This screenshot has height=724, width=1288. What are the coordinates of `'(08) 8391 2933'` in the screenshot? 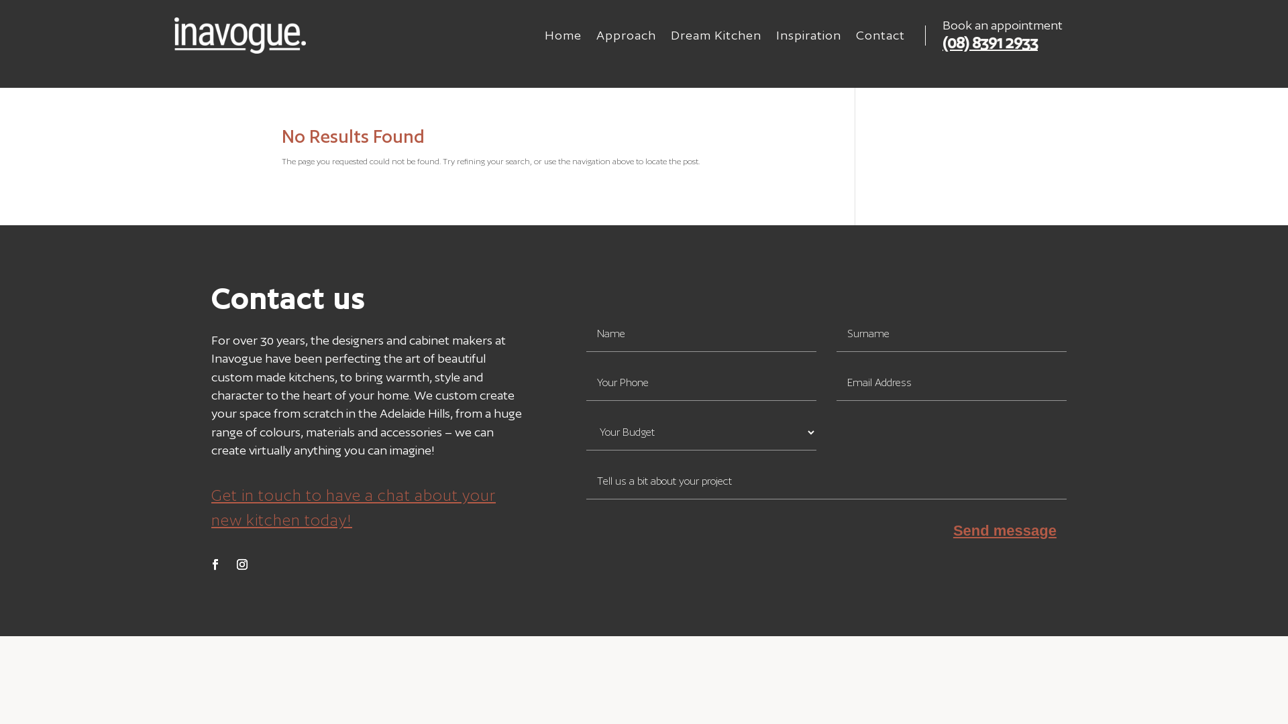 It's located at (942, 42).